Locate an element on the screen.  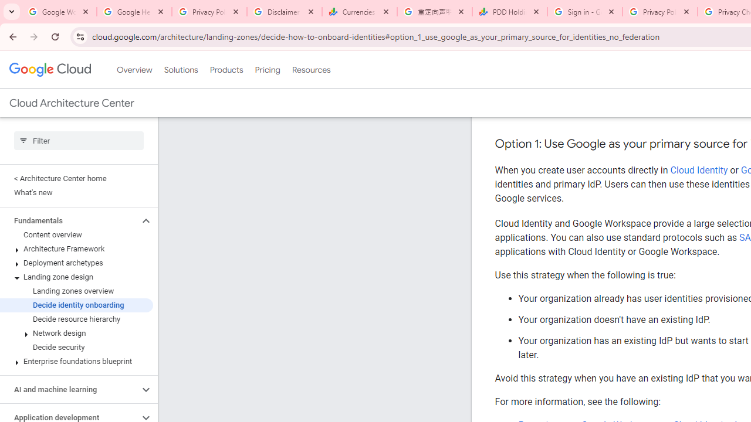
'Resources' is located at coordinates (311, 70).